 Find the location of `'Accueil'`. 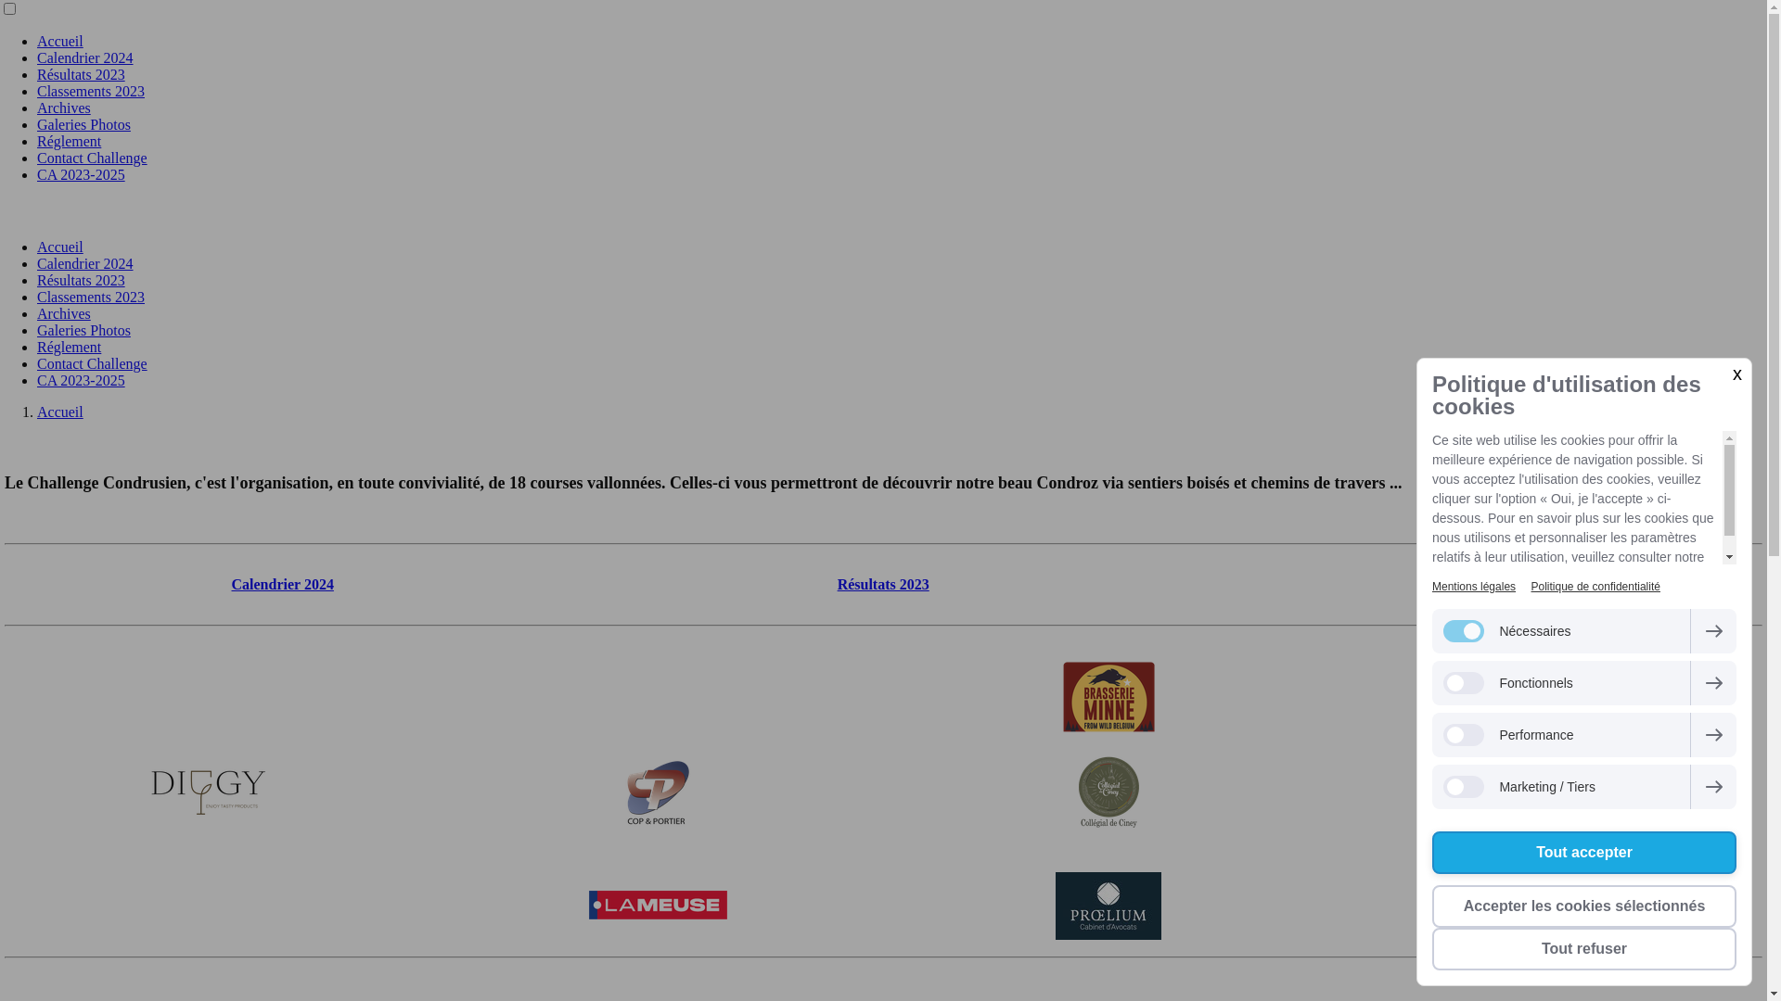

'Accueil' is located at coordinates (60, 246).